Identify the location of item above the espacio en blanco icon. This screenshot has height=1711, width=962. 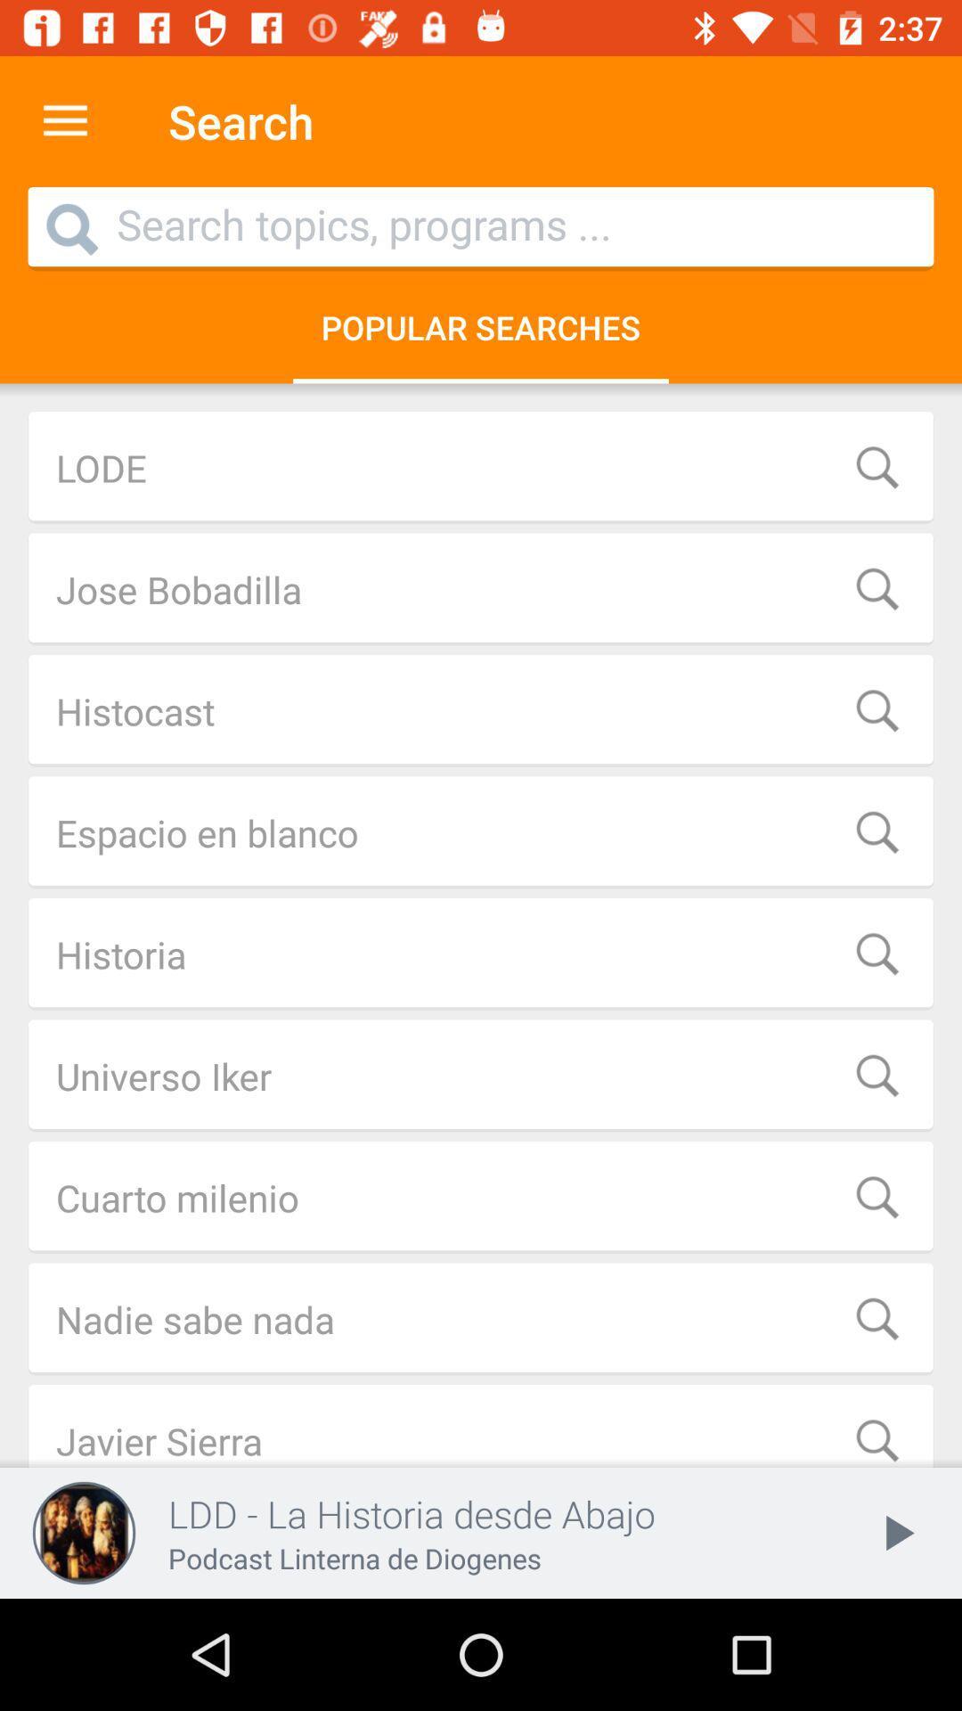
(481, 709).